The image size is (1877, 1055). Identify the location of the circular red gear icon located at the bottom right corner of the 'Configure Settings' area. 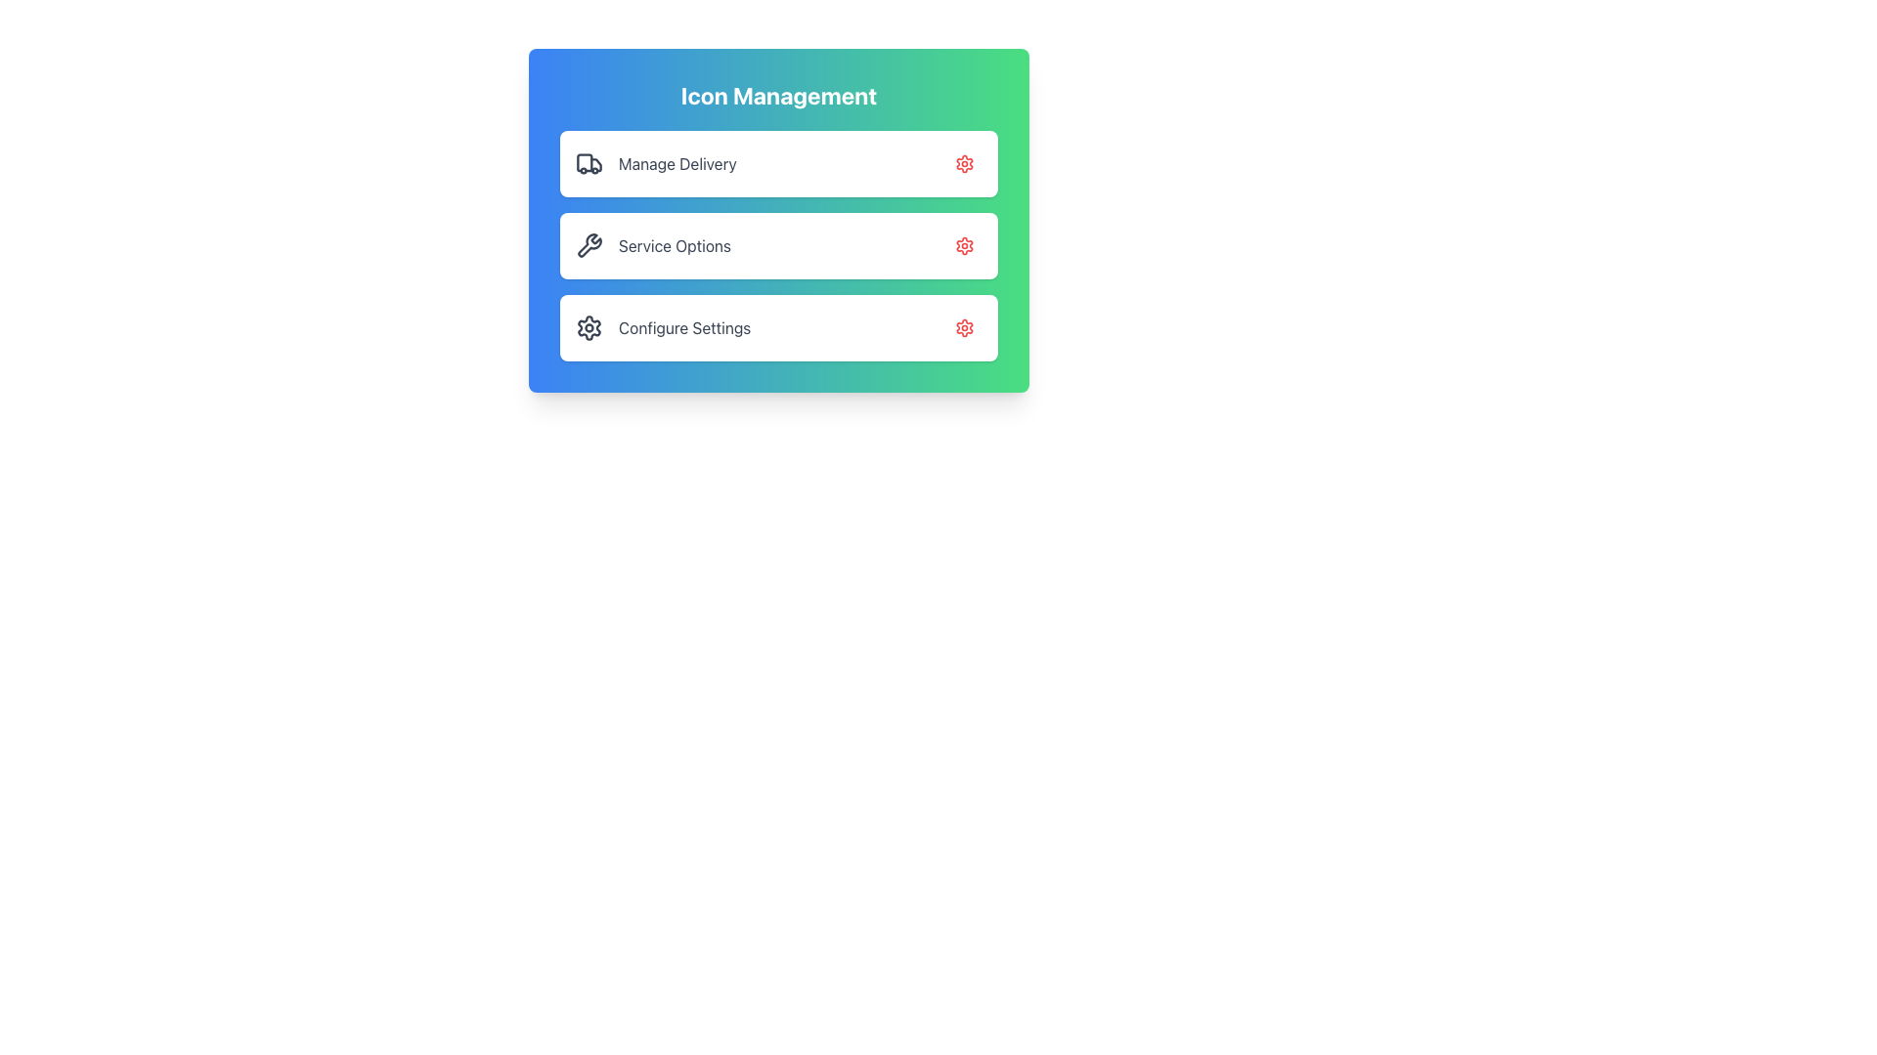
(965, 326).